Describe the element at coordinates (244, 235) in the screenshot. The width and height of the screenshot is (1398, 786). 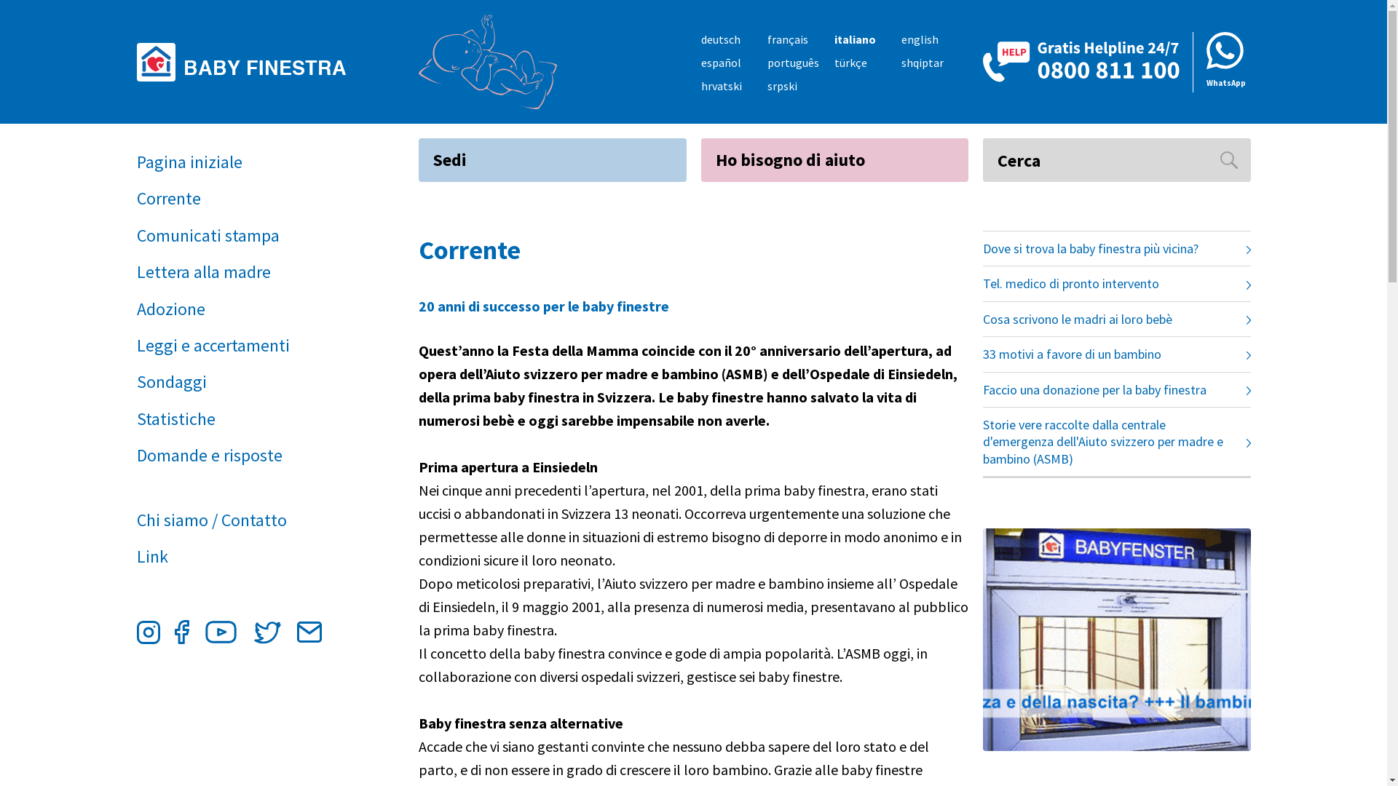
I see `'Comunicati stampa'` at that location.